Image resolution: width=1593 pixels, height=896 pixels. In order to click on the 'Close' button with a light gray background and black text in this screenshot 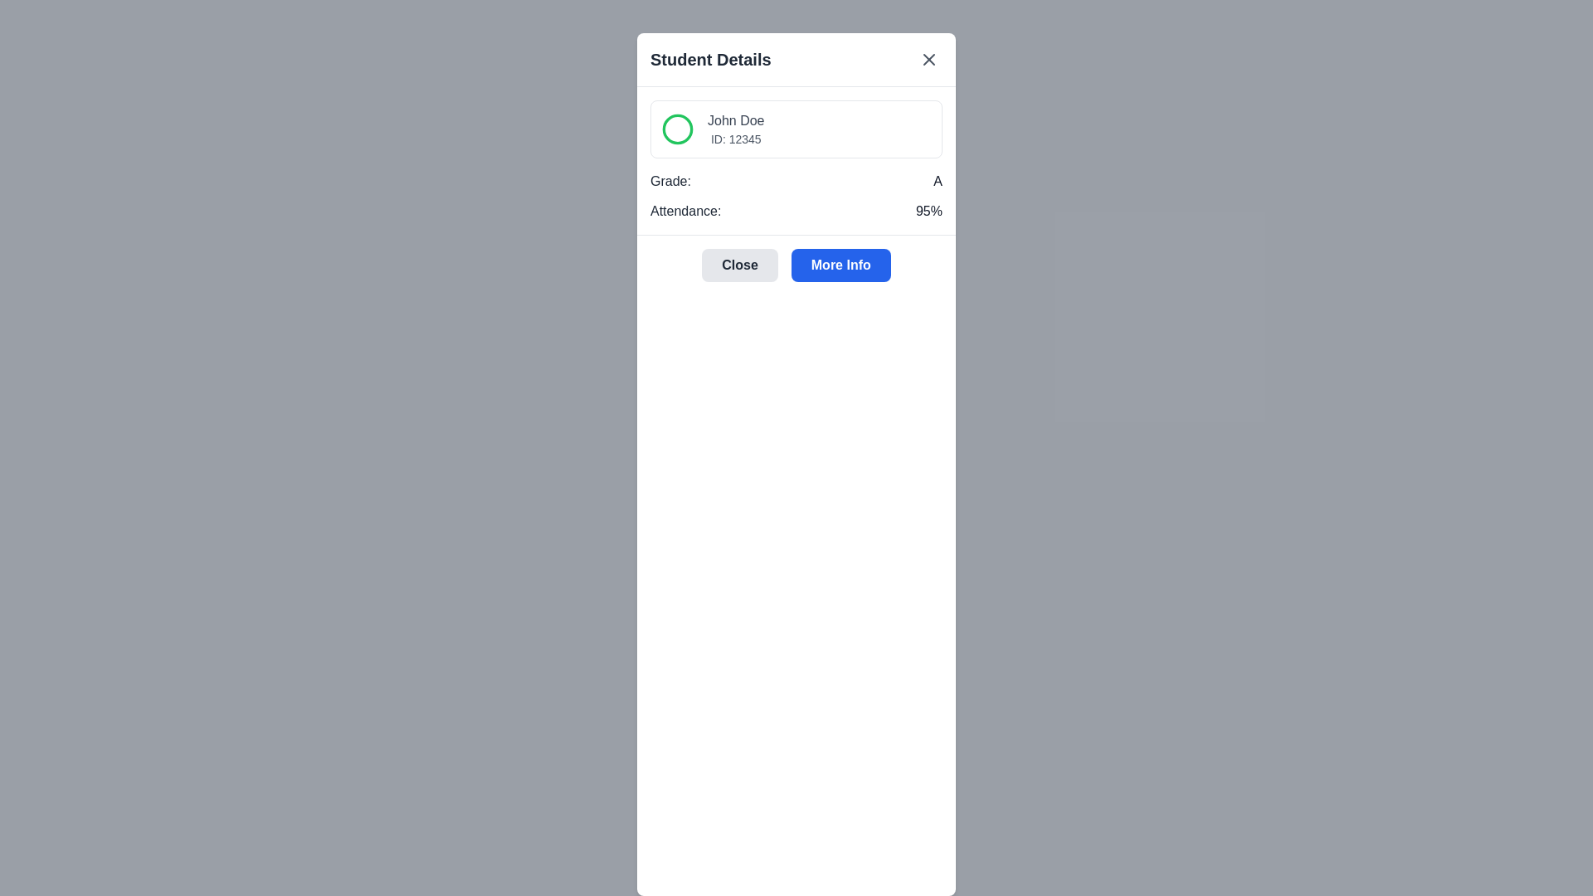, I will do `click(739, 265)`.